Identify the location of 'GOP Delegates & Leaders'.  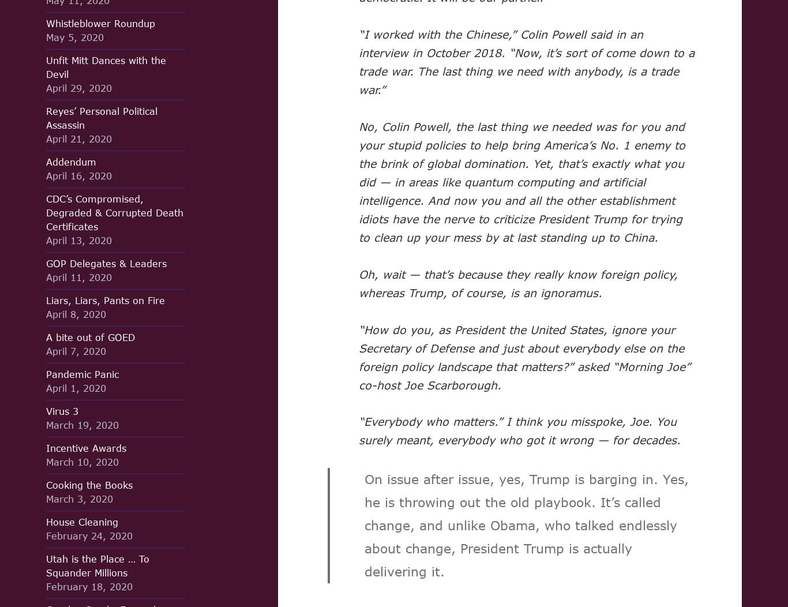
(106, 263).